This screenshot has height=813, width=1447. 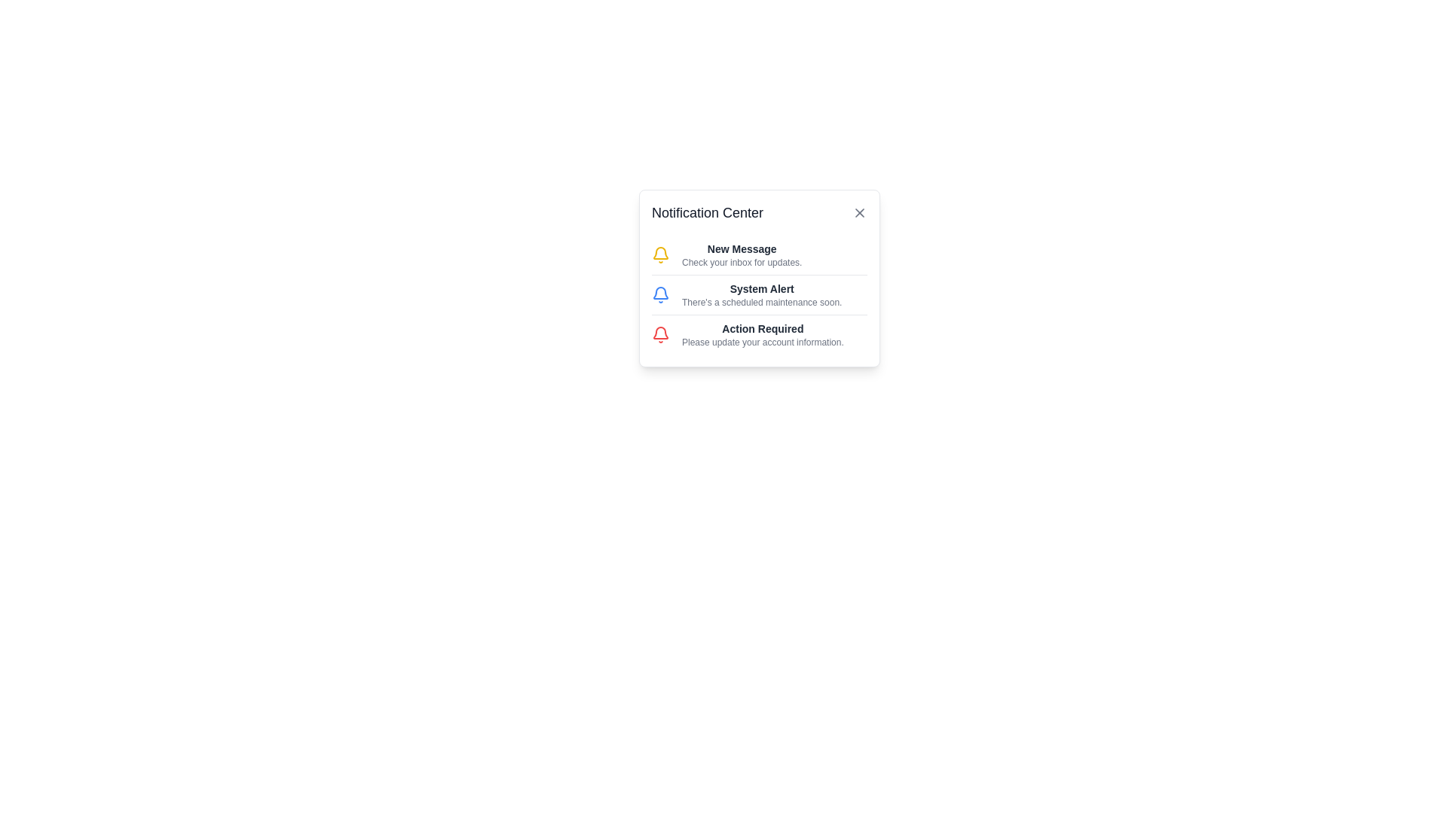 I want to click on the title text of the header in the notification panel, so click(x=760, y=212).